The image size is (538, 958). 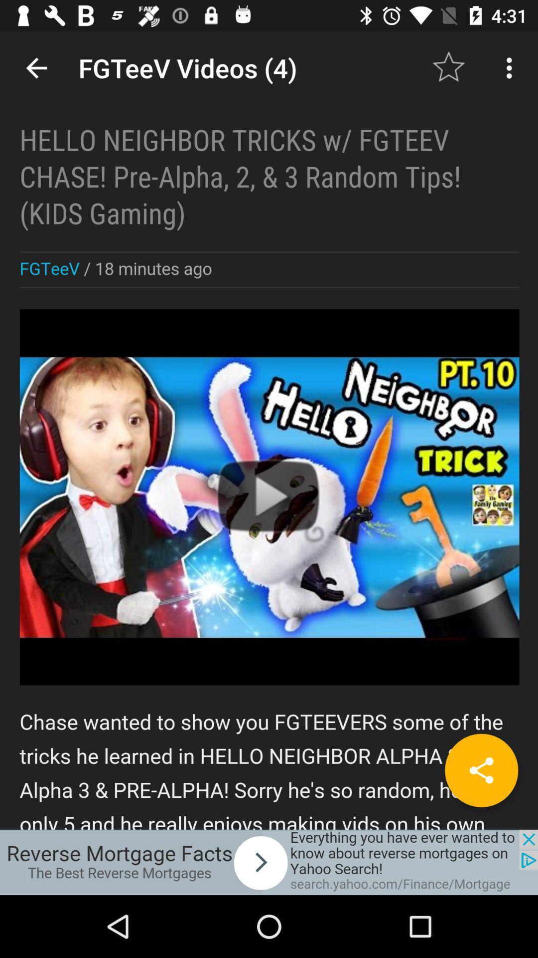 What do you see at coordinates (269, 430) in the screenshot?
I see `principal screen` at bounding box center [269, 430].